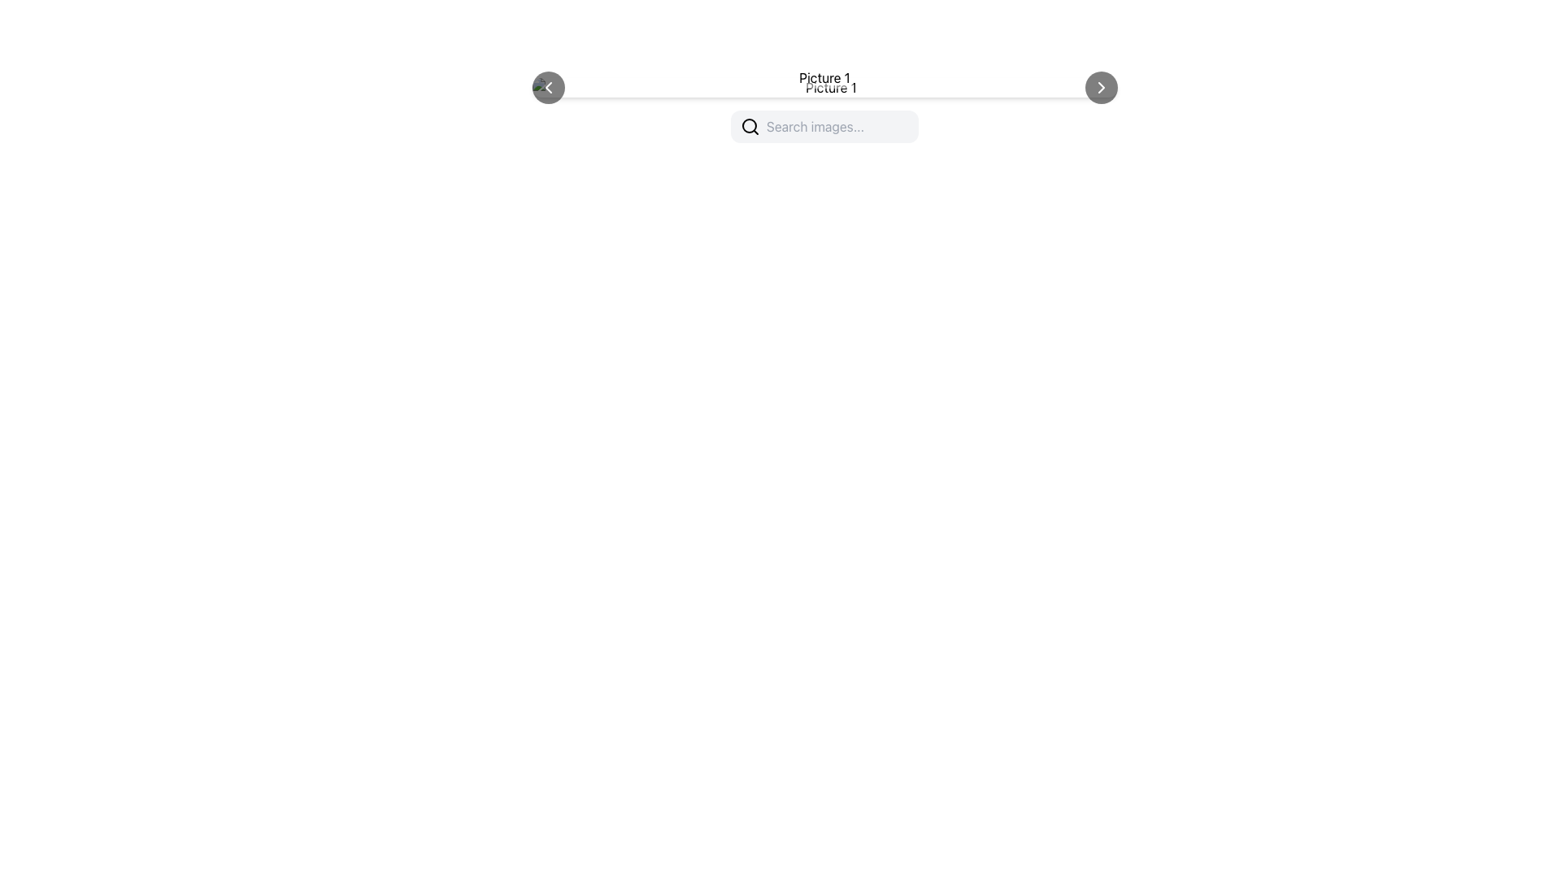 The width and height of the screenshot is (1561, 878). Describe the element at coordinates (1101, 88) in the screenshot. I see `the right chevron icon located in the circular navigation icon on the far right of the toolbar` at that location.